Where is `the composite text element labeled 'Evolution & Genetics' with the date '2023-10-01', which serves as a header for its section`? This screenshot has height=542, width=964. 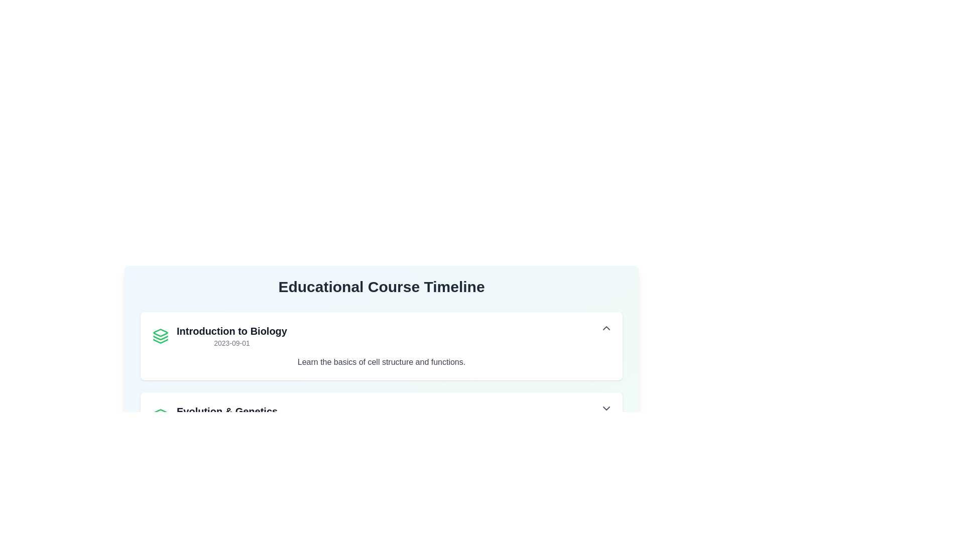 the composite text element labeled 'Evolution & Genetics' with the date '2023-10-01', which serves as a header for its section is located at coordinates (226, 416).